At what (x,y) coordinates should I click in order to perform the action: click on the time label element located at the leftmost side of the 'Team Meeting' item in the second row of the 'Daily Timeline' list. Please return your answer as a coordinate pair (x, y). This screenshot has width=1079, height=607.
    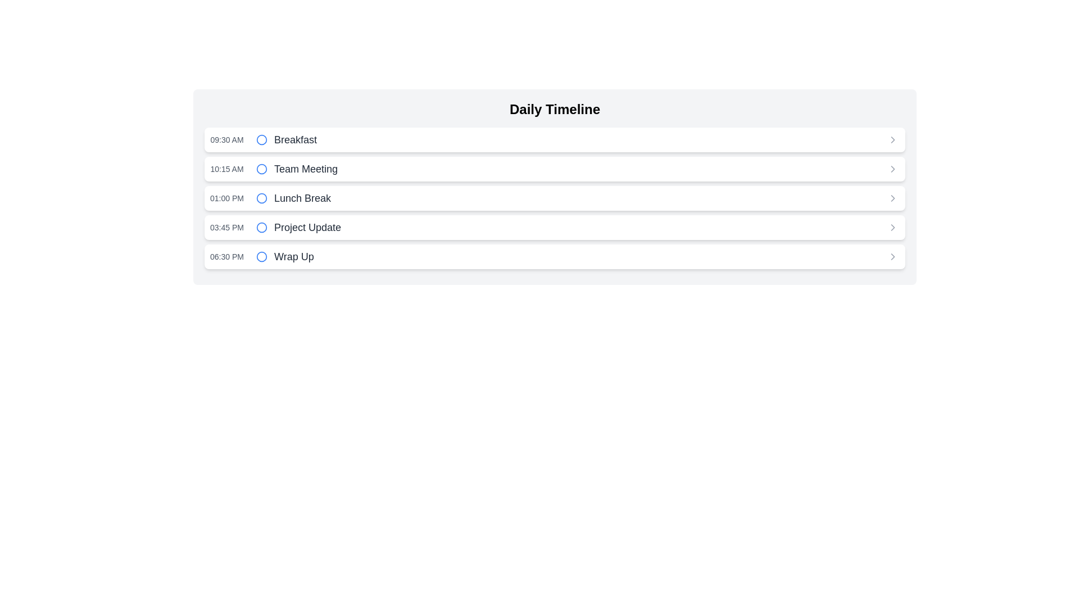
    Looking at the image, I should click on (226, 169).